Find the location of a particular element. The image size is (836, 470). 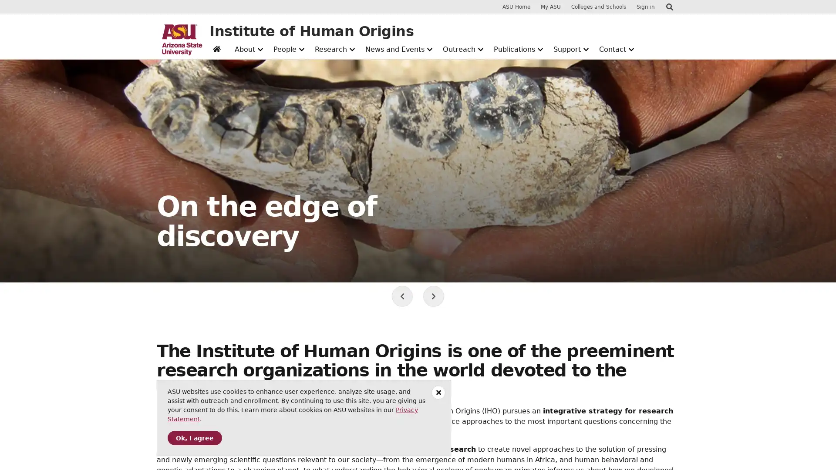

Accept cookies is located at coordinates (194, 438).